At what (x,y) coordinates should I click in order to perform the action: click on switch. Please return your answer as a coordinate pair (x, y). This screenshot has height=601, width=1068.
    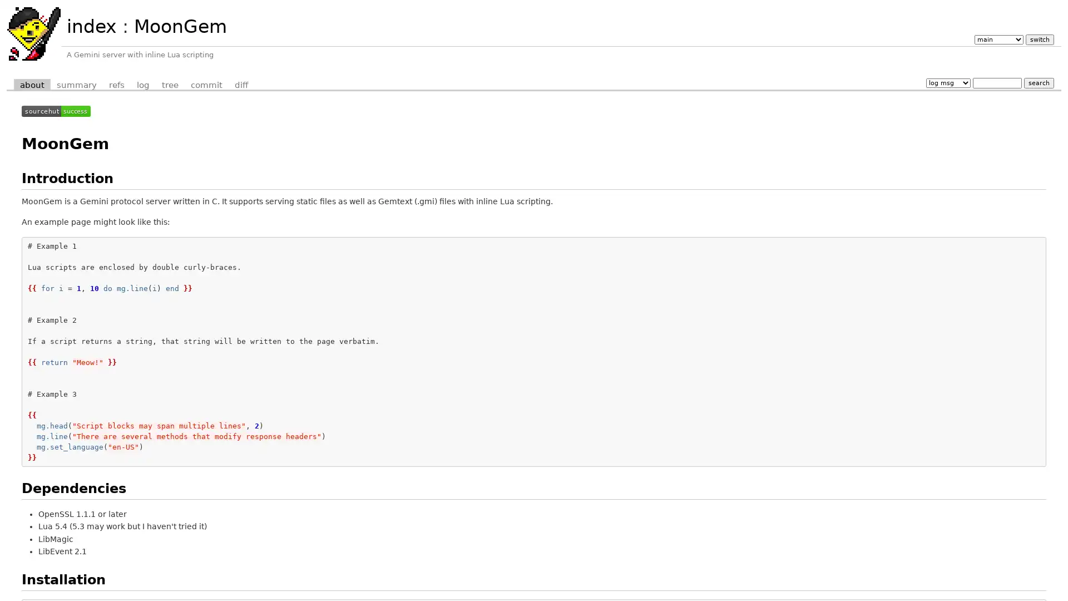
    Looking at the image, I should click on (1039, 38).